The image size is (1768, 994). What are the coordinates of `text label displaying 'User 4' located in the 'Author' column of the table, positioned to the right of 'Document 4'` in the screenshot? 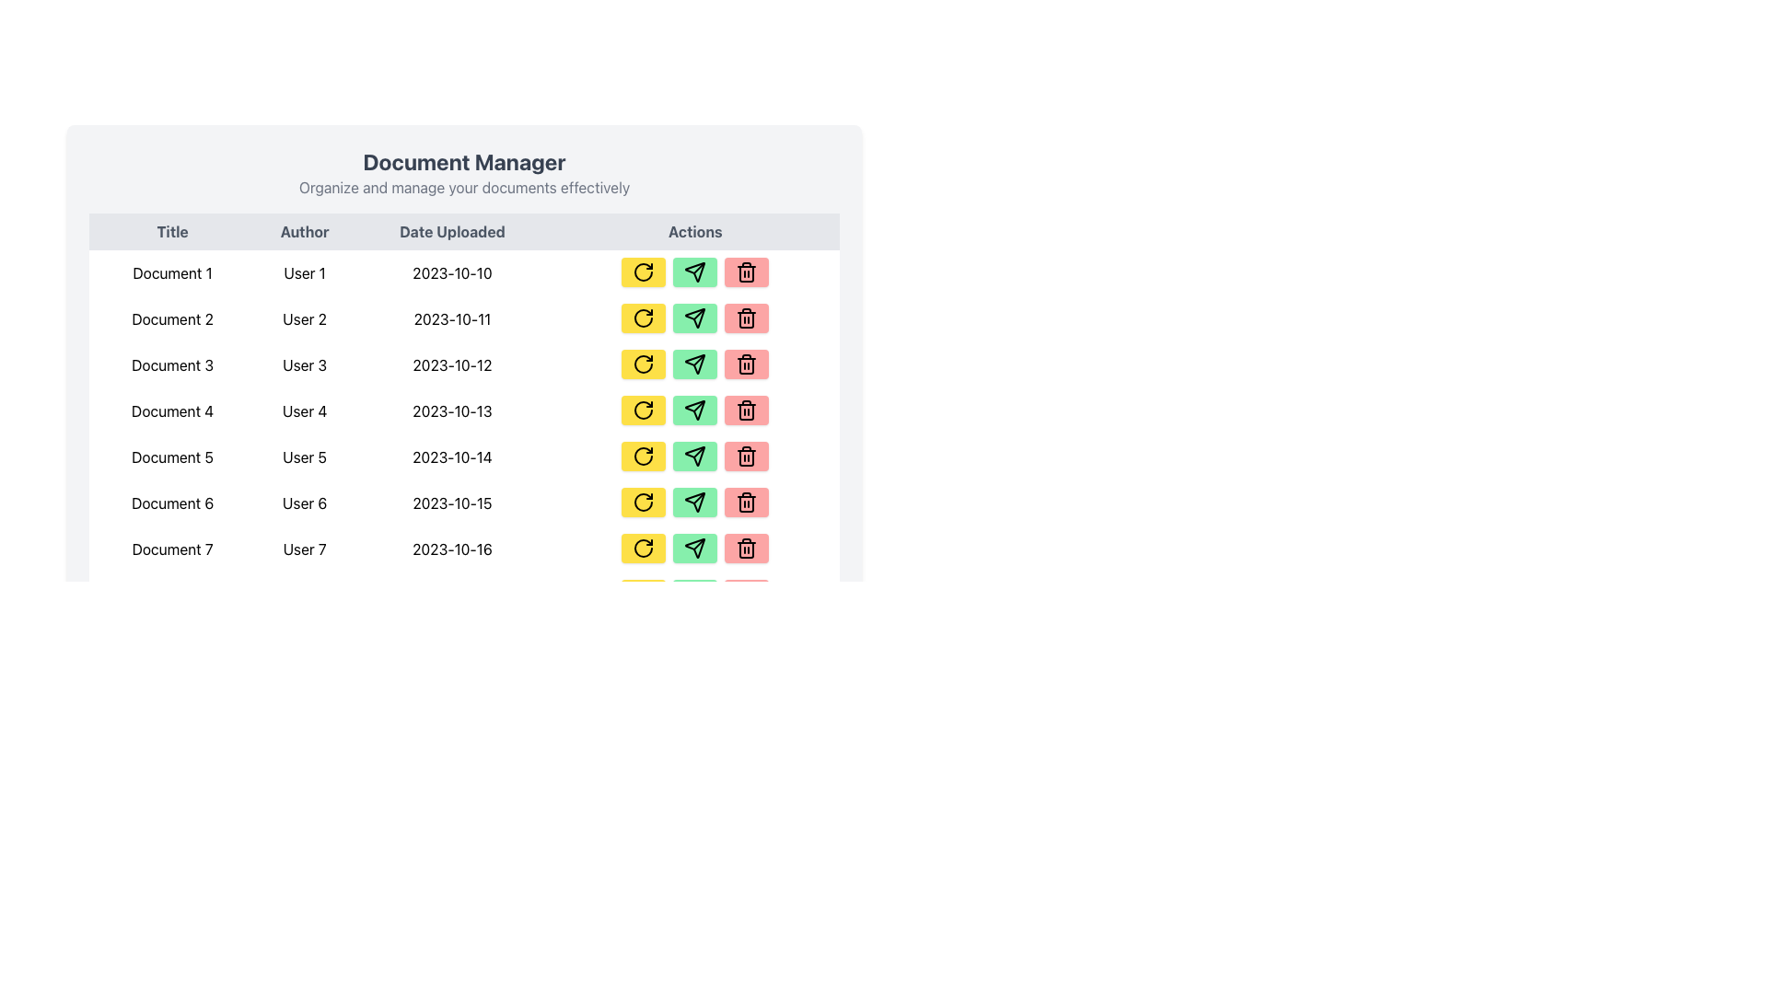 It's located at (305, 410).